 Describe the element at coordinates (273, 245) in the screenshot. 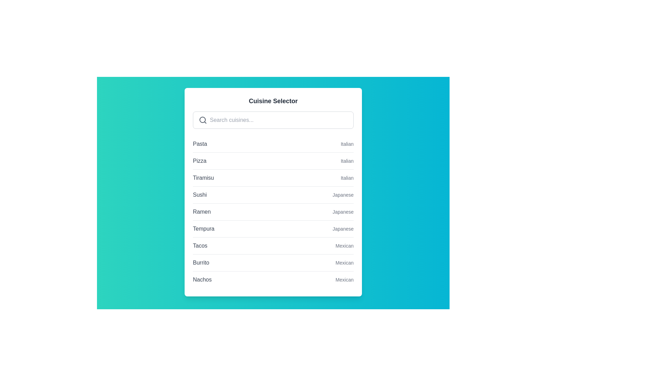

I see `the selectable item in the list representing the dish 'Tacos' and its associated cuisine 'Mexican', which is the seventh item from the top` at that location.